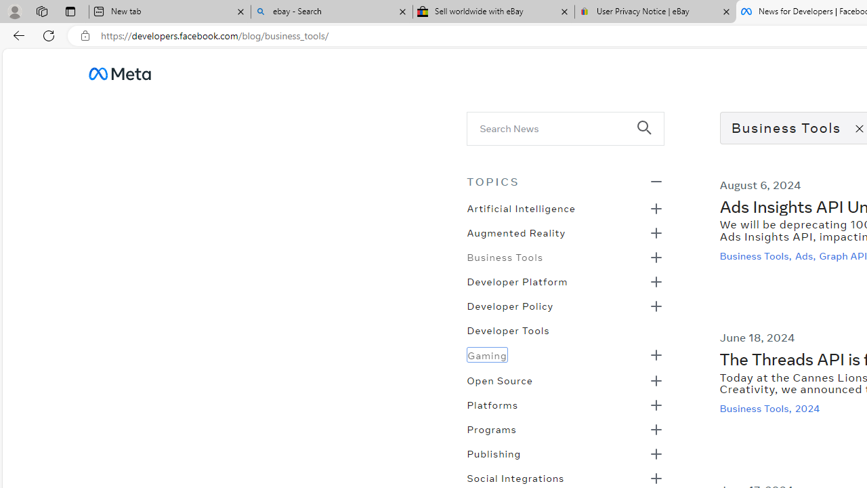 The height and width of the screenshot is (488, 867). I want to click on 'Gaming', so click(487, 354).